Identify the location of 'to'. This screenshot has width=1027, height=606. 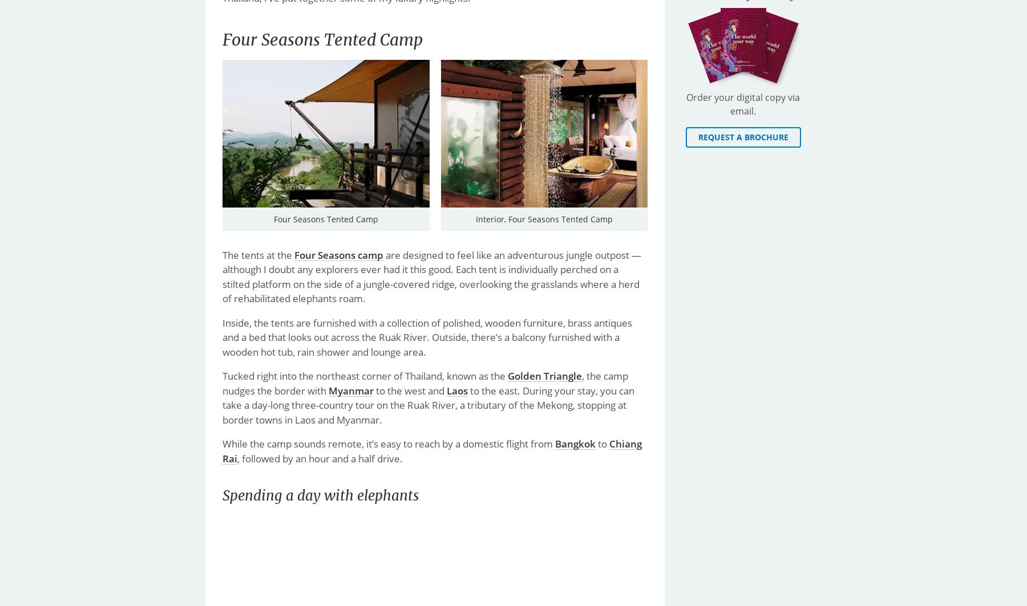
(603, 443).